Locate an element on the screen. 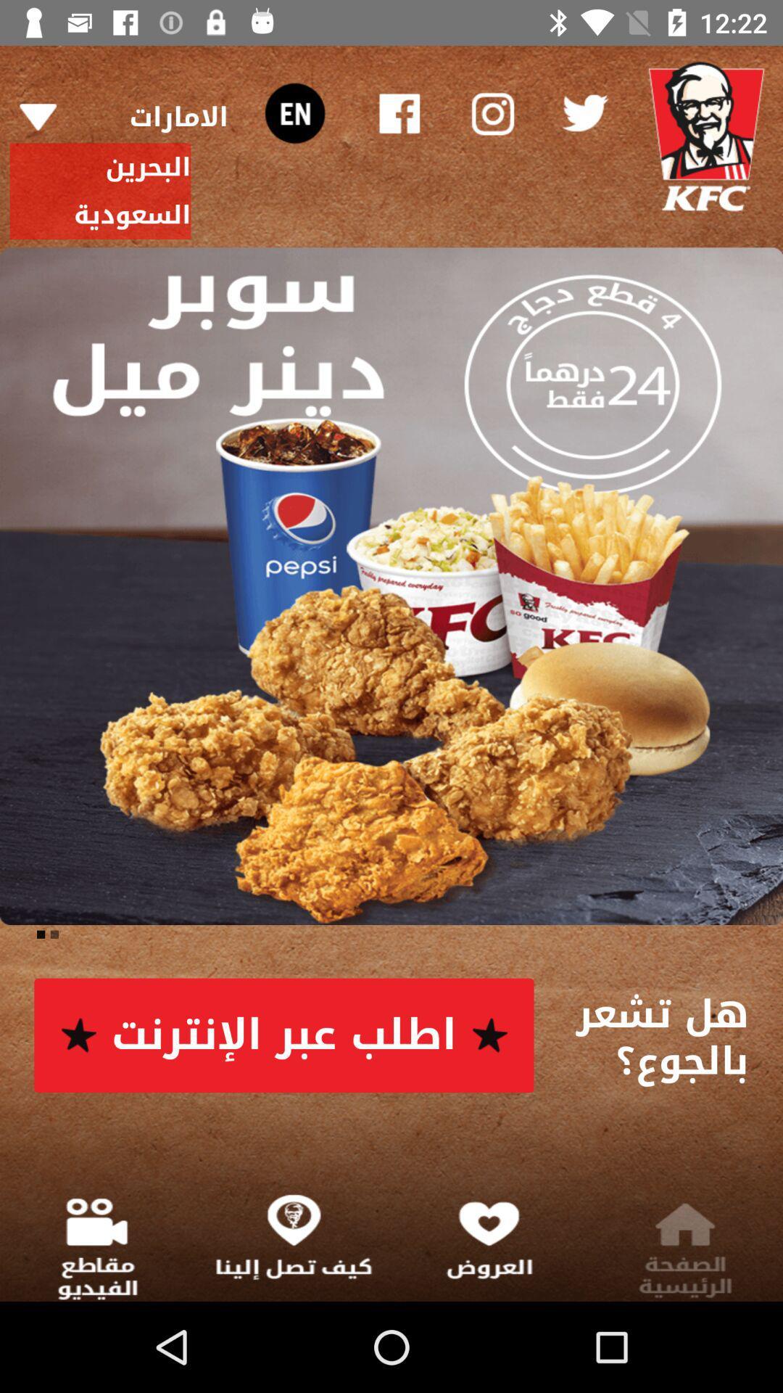 This screenshot has height=1393, width=783. the facebook icon is located at coordinates (399, 112).